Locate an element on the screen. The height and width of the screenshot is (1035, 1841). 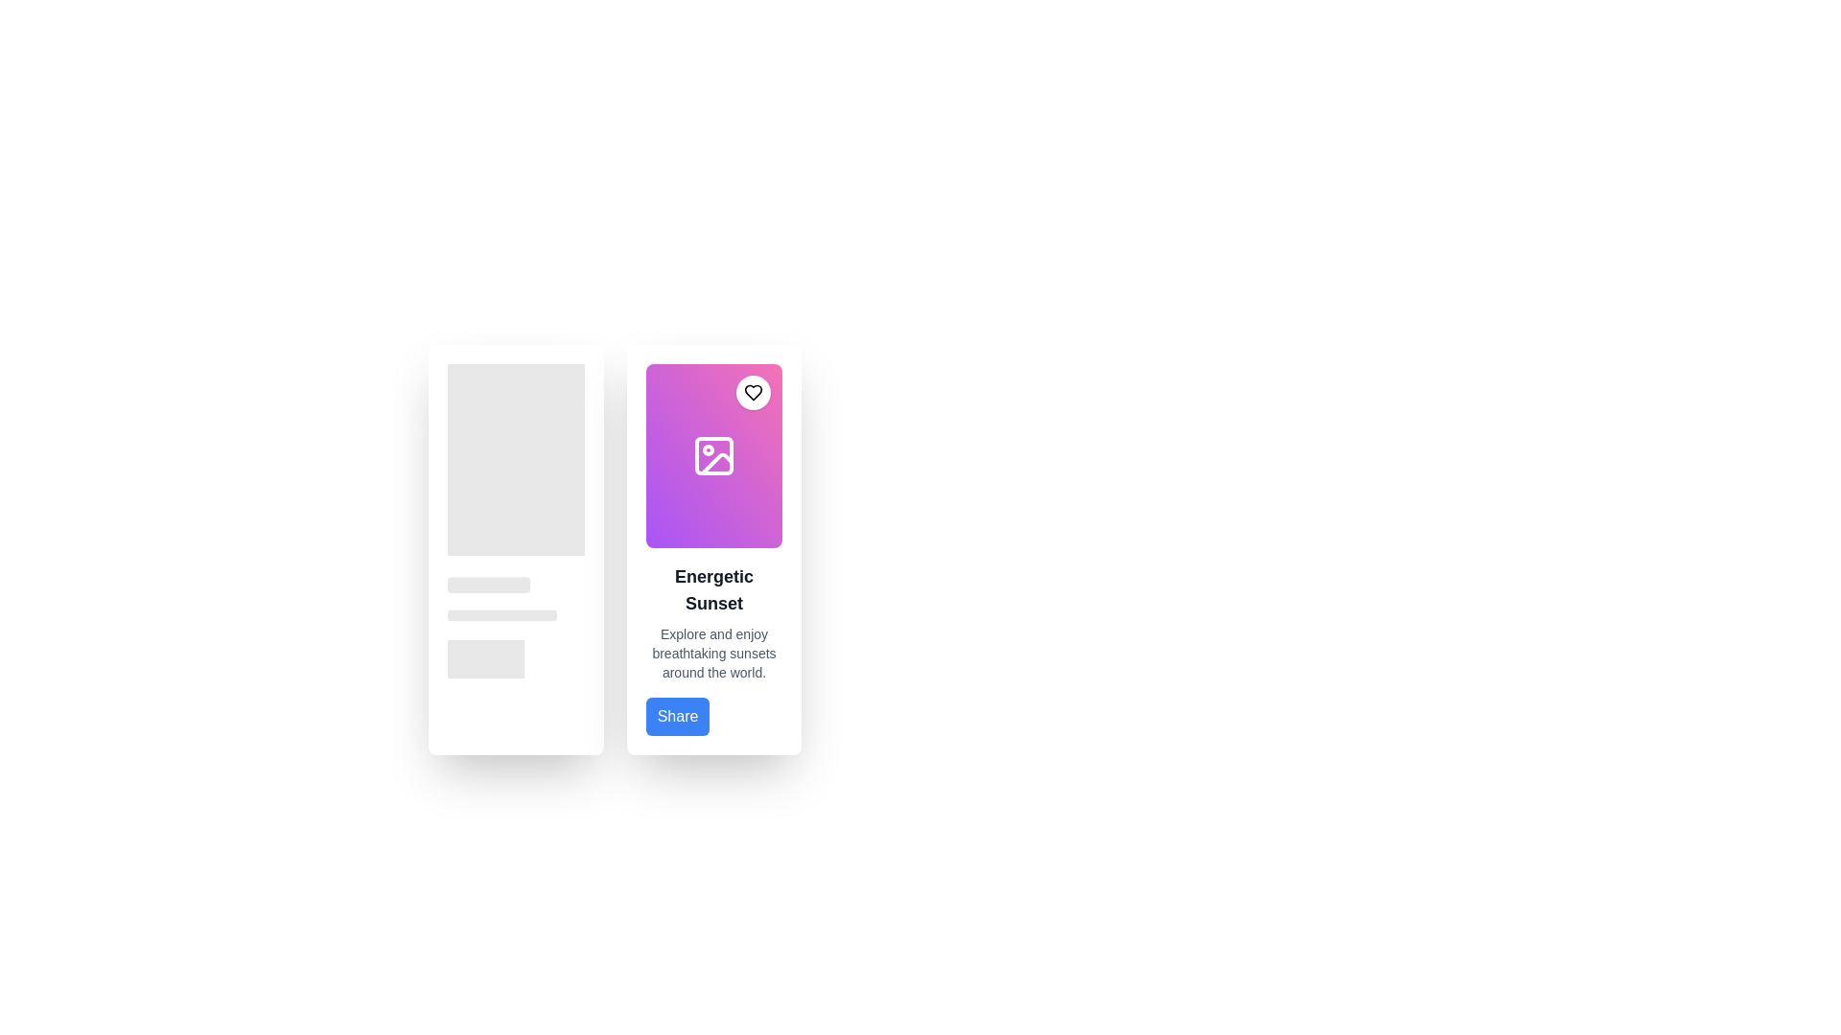
the informational subtitle text label located beneath the title 'Energetic Sunset' in the card-like structure is located at coordinates (712, 653).